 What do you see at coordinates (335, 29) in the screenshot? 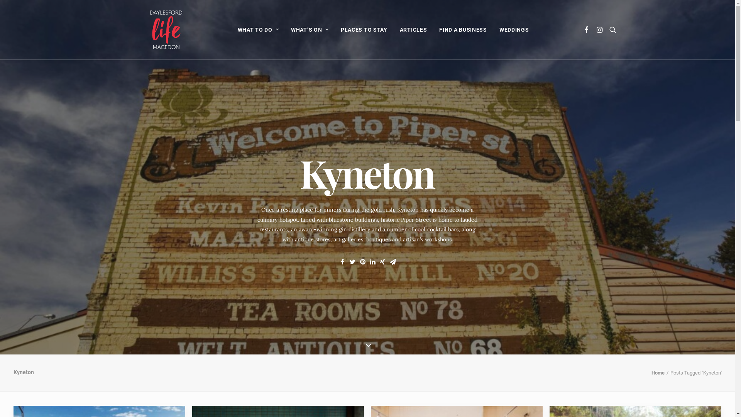
I see `'PLACES TO STAY'` at bounding box center [335, 29].